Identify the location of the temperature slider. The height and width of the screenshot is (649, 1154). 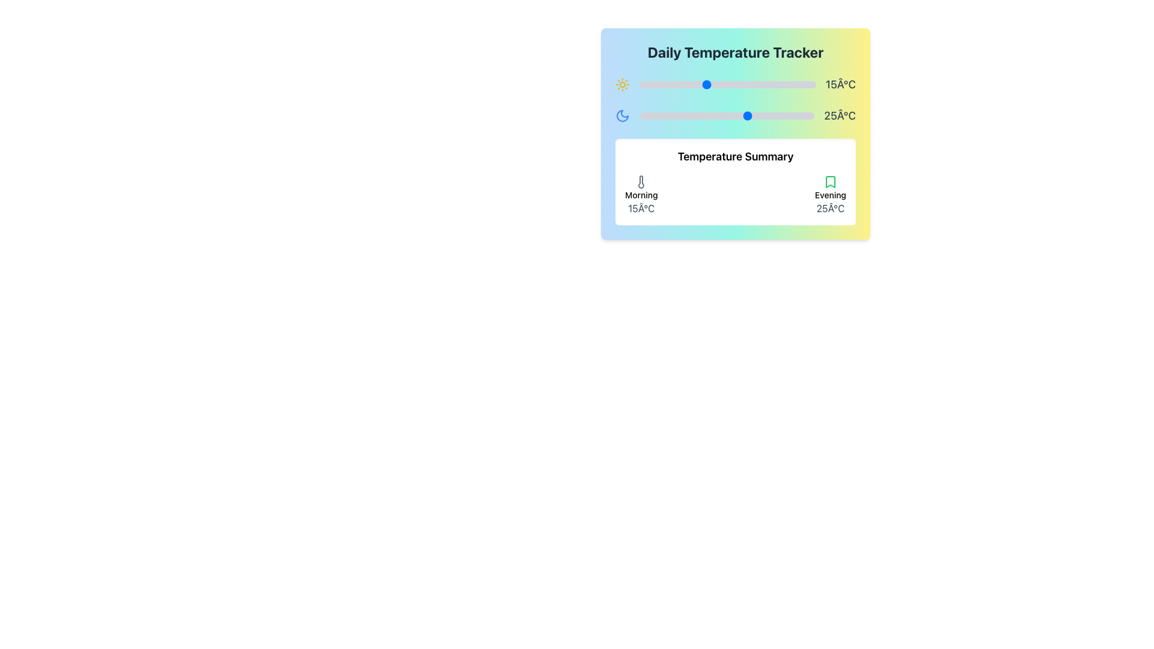
(683, 84).